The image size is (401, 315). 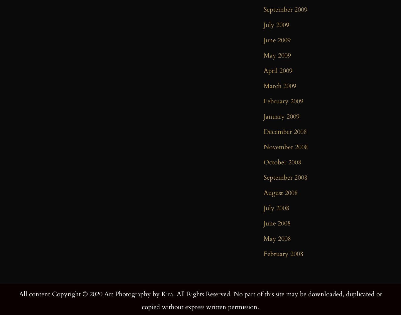 I want to click on 'October 2008', so click(x=263, y=162).